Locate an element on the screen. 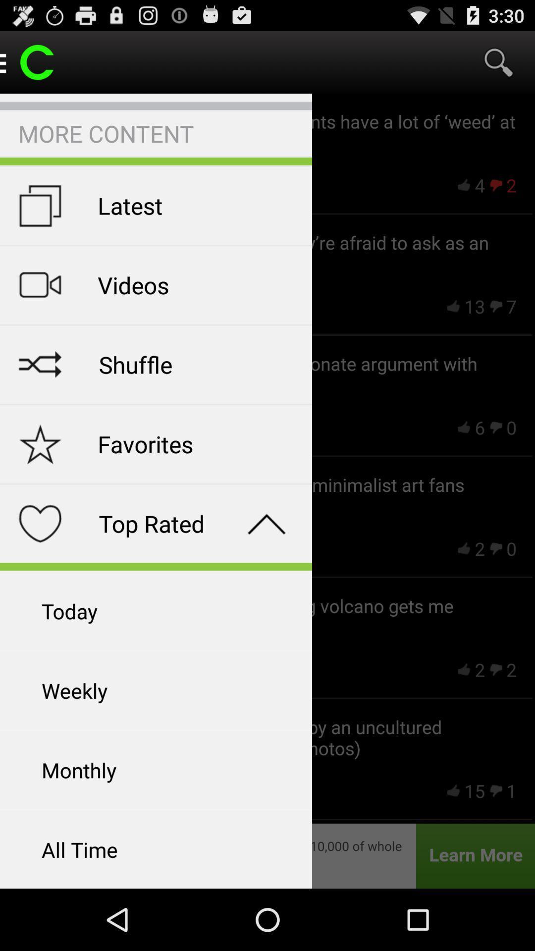  the red coloured dislike button on the top right hand side is located at coordinates (496, 185).